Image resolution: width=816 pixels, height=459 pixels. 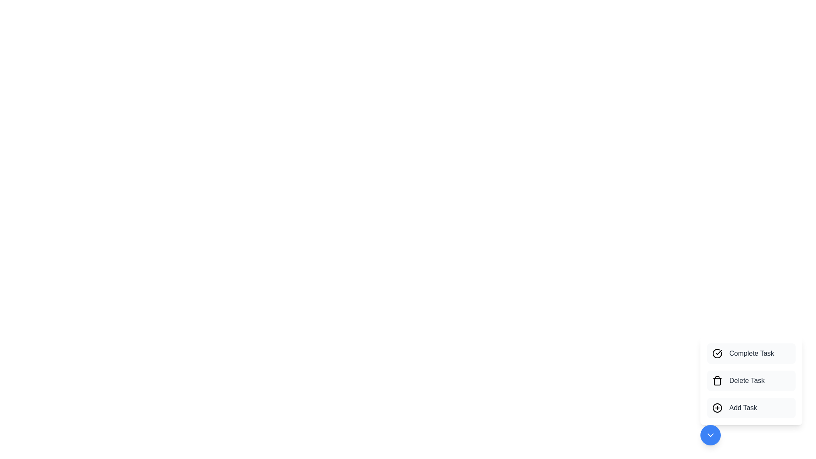 I want to click on 'Complete Task' button to mark a task as completed, so click(x=751, y=354).